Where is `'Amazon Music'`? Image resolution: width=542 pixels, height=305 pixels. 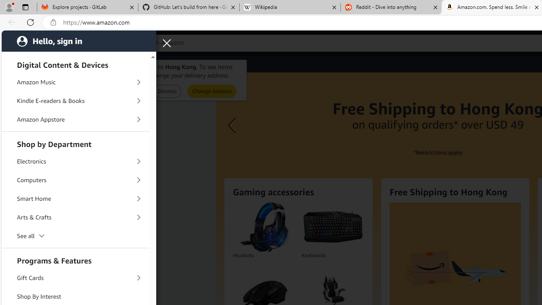
'Amazon Music' is located at coordinates (76, 82).